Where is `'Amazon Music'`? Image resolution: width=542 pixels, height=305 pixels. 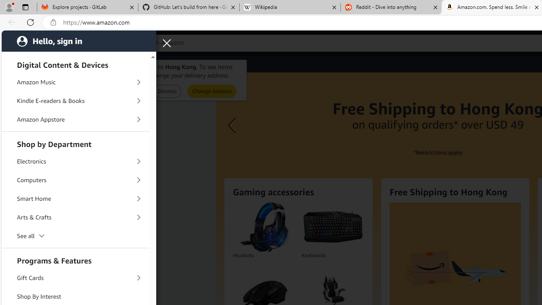
'Amazon Music' is located at coordinates (76, 82).